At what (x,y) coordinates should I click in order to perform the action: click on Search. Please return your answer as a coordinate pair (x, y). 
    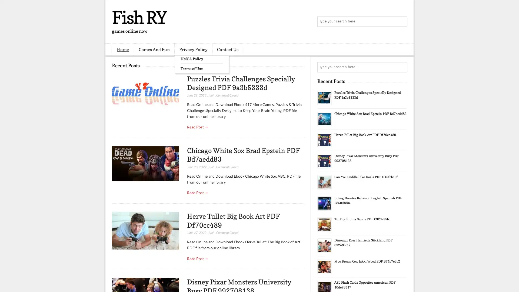
    Looking at the image, I should click on (401, 22).